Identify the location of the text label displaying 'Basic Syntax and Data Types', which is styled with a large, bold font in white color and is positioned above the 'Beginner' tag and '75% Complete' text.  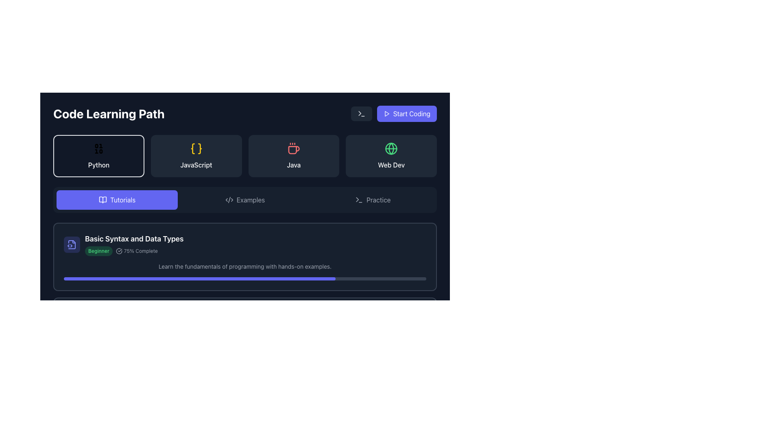
(134, 238).